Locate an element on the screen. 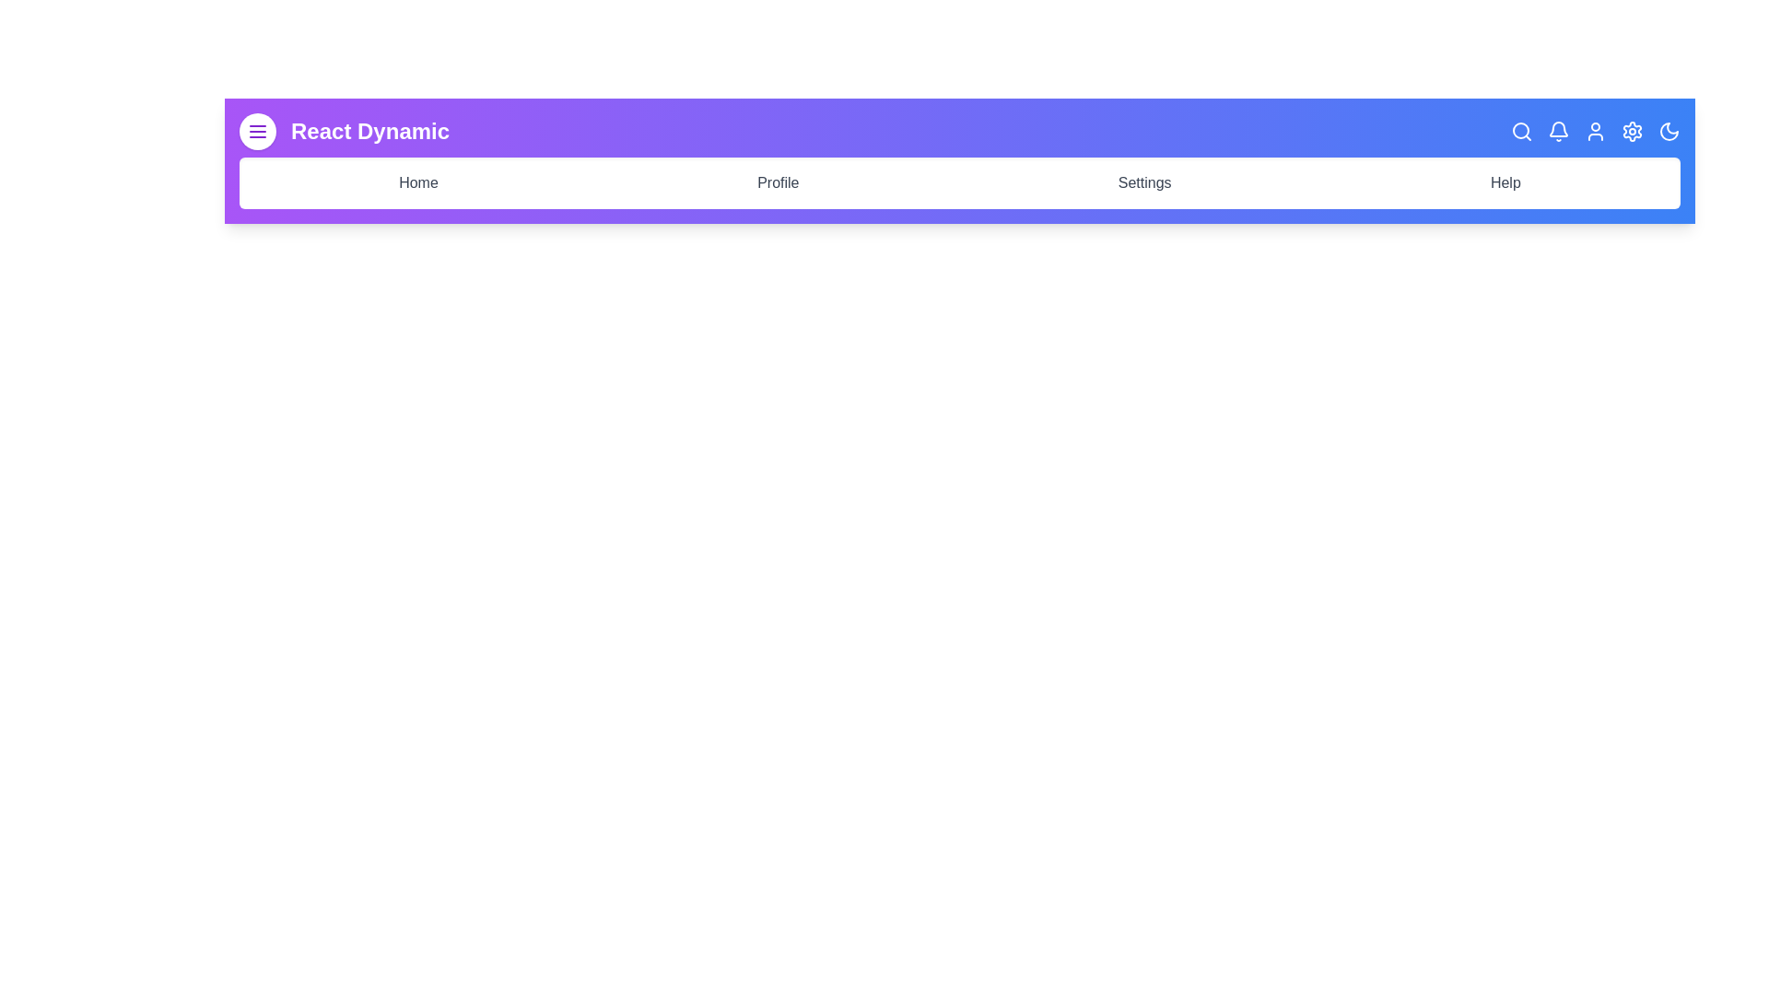 The height and width of the screenshot is (995, 1769). the menu button to toggle the menu is located at coordinates (256, 130).